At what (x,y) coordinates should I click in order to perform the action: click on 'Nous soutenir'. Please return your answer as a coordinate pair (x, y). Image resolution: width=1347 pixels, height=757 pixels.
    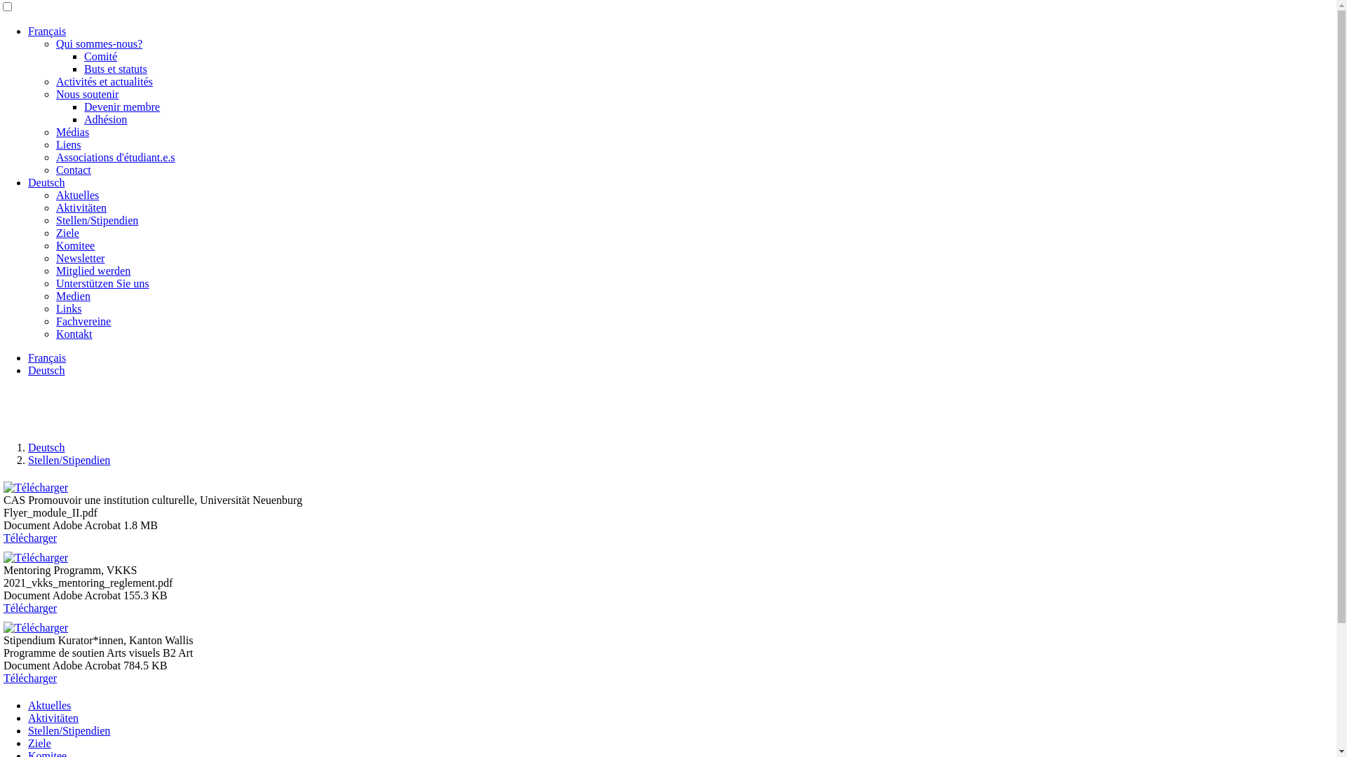
    Looking at the image, I should click on (86, 94).